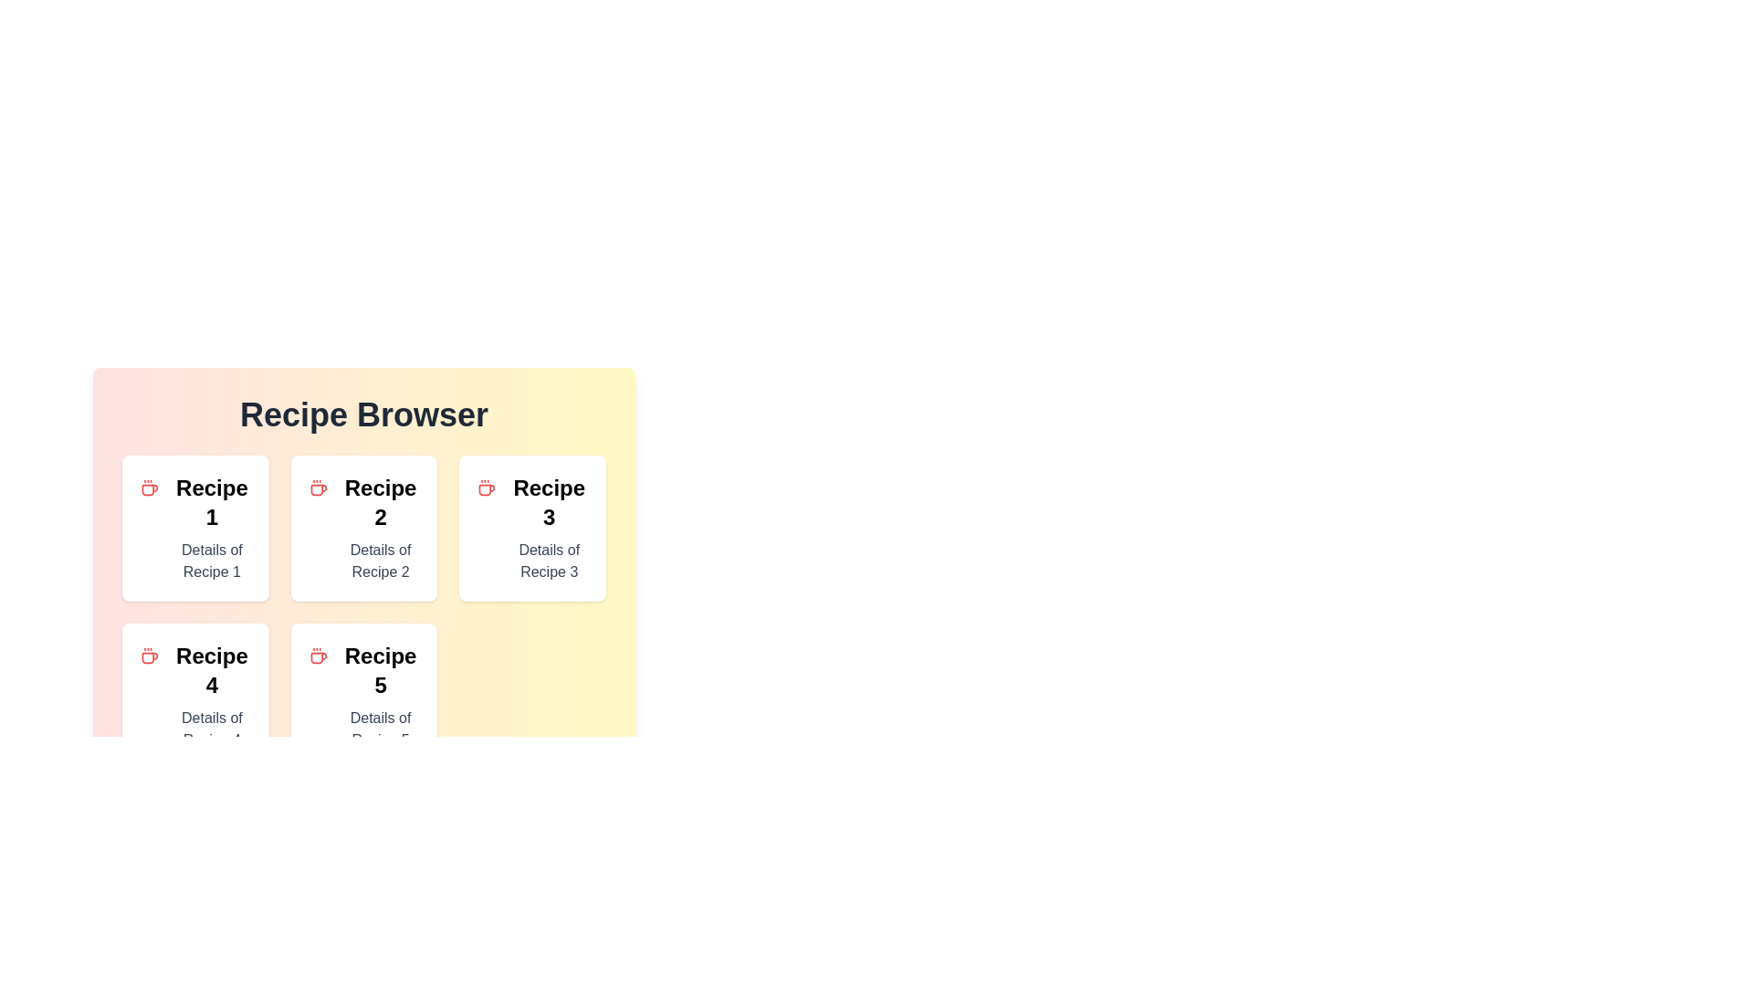 The image size is (1753, 986). I want to click on the coffee icon located at the top-left of the card labeled 'Recipe 1' in the recipe grid, so click(150, 488).